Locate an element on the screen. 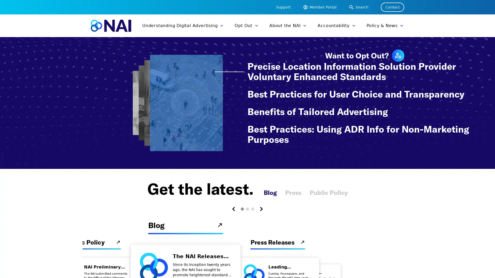 The height and width of the screenshot is (278, 495). Carousel Page 1 (Current Slide) is located at coordinates (242, 209).